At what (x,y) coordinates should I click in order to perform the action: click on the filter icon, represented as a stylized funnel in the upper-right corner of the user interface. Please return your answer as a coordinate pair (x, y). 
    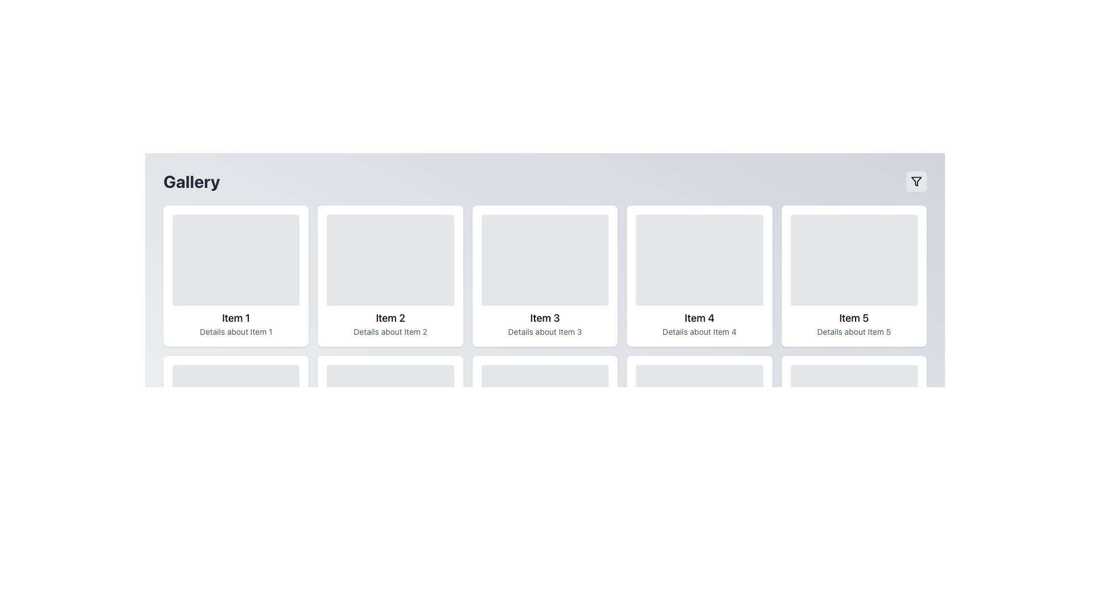
    Looking at the image, I should click on (916, 181).